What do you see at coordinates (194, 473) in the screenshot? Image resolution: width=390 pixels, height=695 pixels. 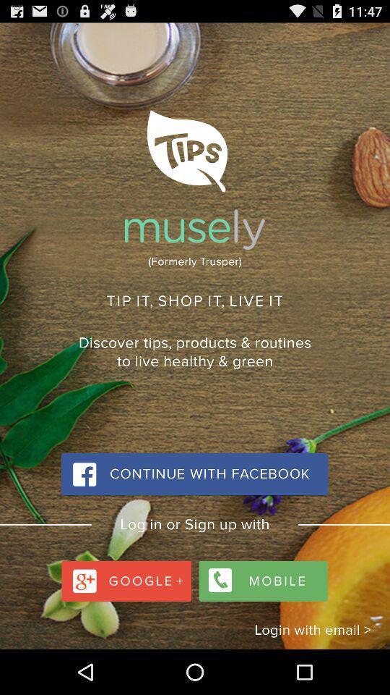 I see `continue` at bounding box center [194, 473].